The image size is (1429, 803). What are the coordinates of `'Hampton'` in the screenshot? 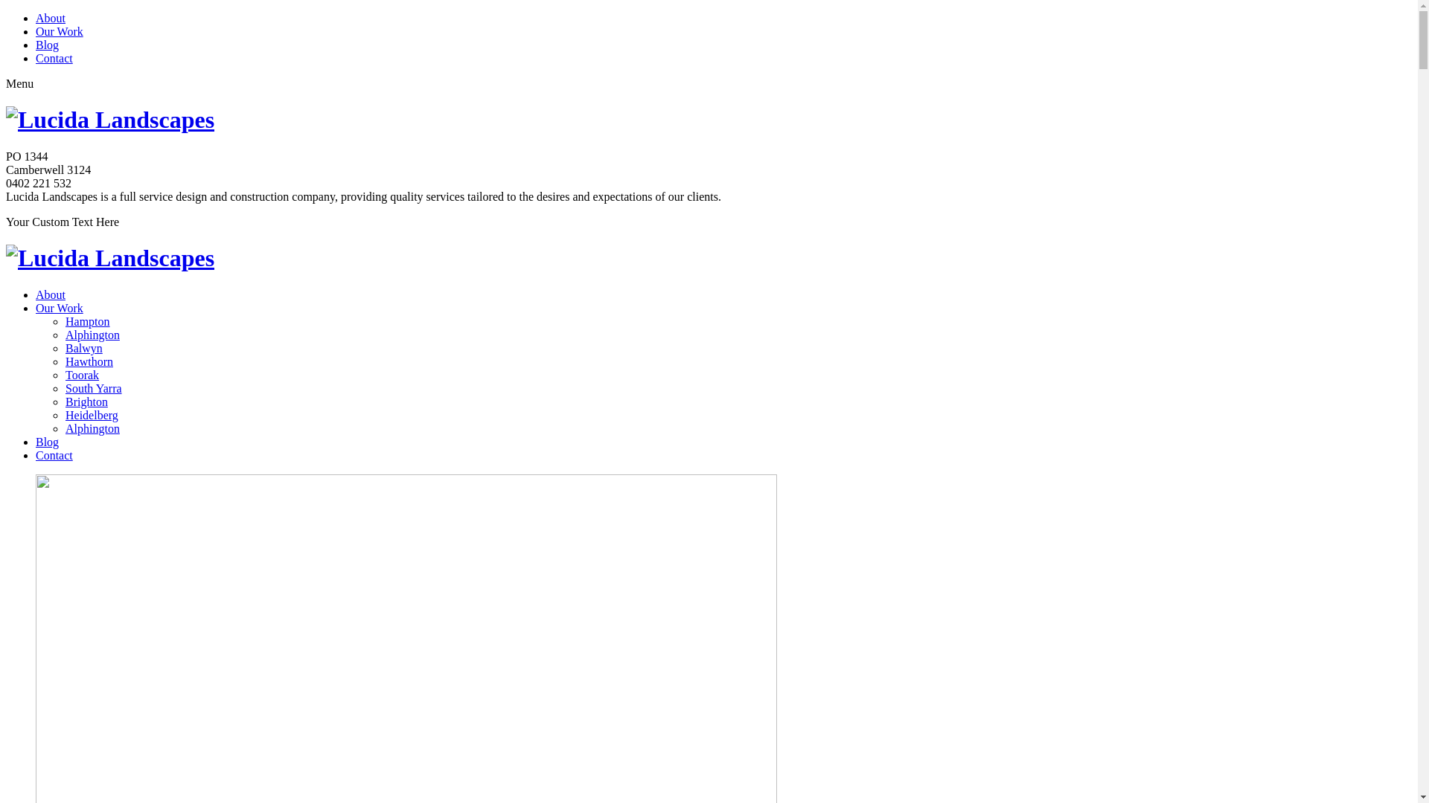 It's located at (64, 320).